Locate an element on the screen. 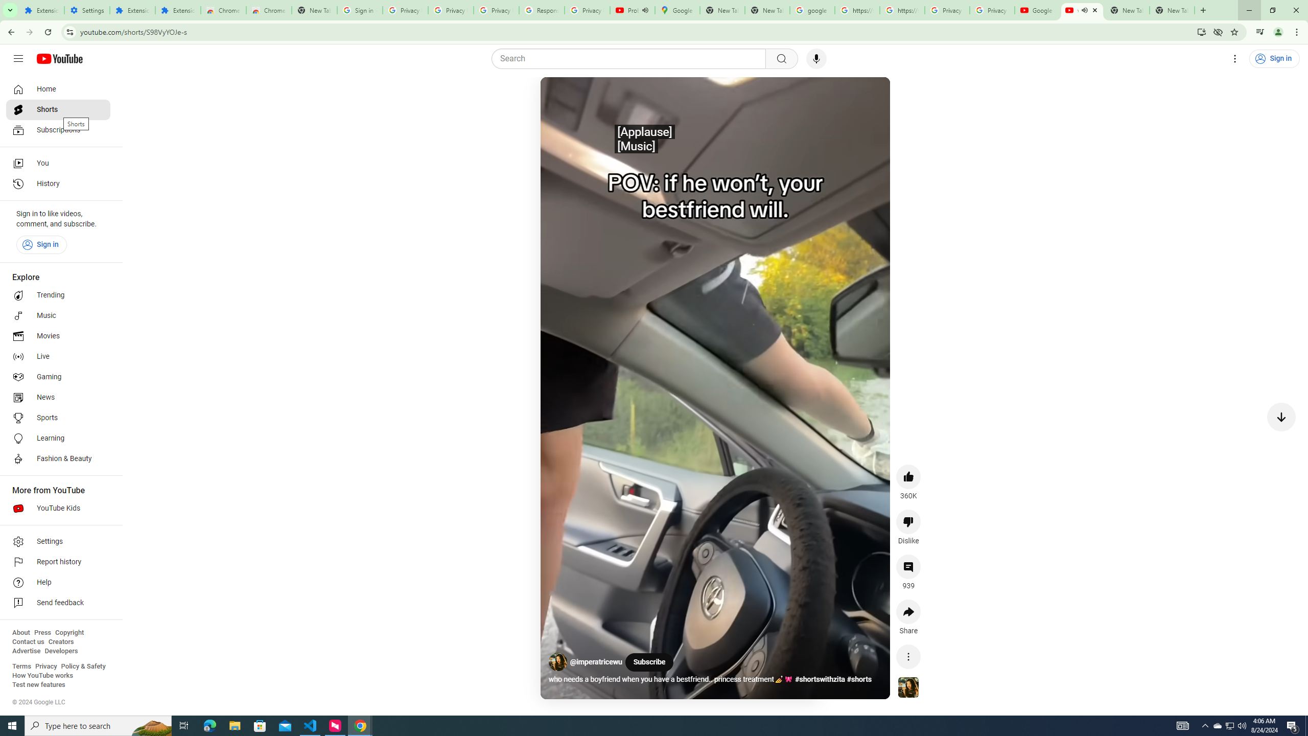 This screenshot has height=736, width=1308. 'Extensions' is located at coordinates (177, 10).